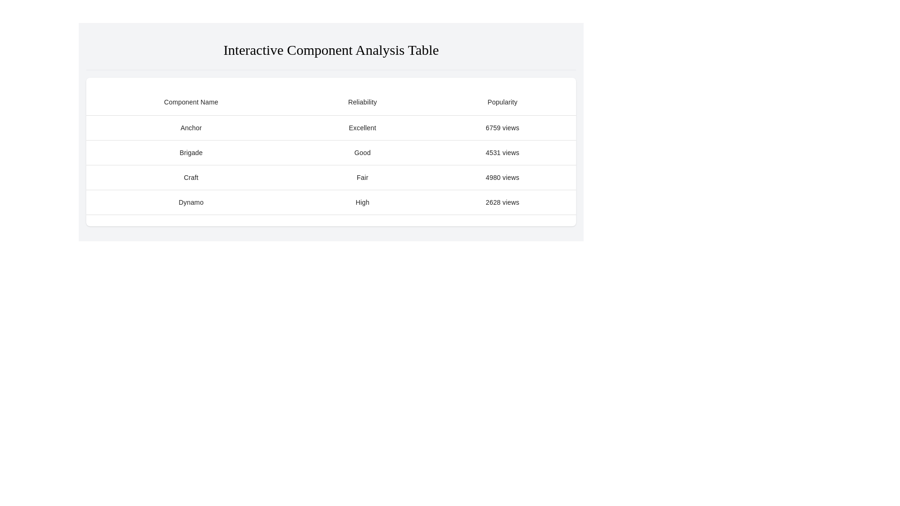 This screenshot has width=900, height=506. I want to click on the text label displaying '2628 views' located in the third cell of the fourth row under the 'Popularity' column, so click(502, 202).